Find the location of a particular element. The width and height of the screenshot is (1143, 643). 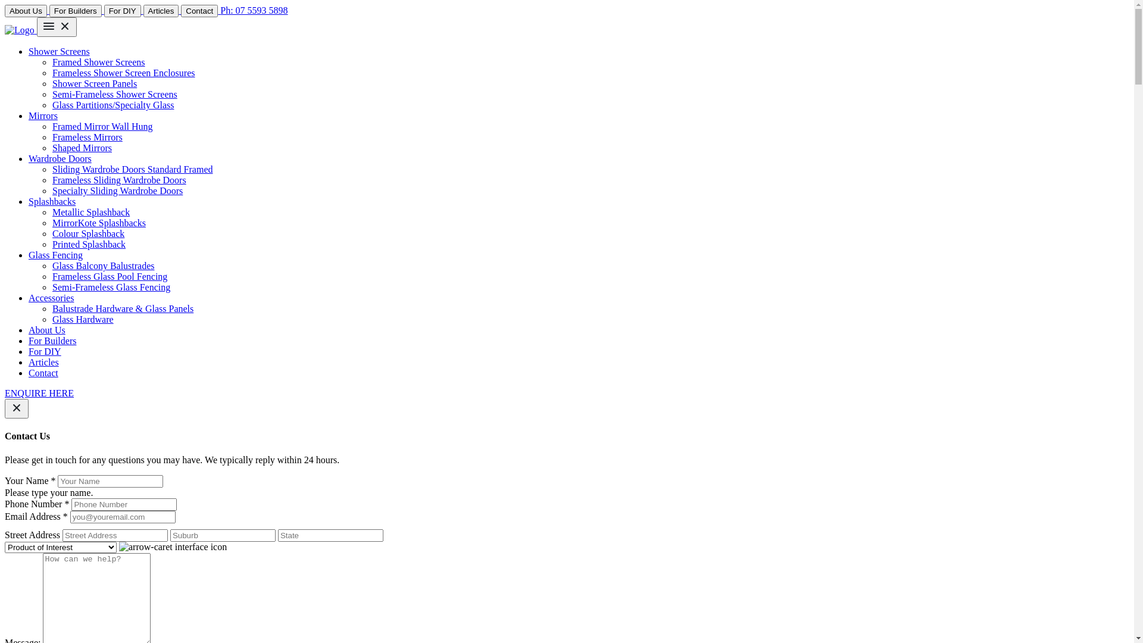

'About Us' is located at coordinates (5, 10).